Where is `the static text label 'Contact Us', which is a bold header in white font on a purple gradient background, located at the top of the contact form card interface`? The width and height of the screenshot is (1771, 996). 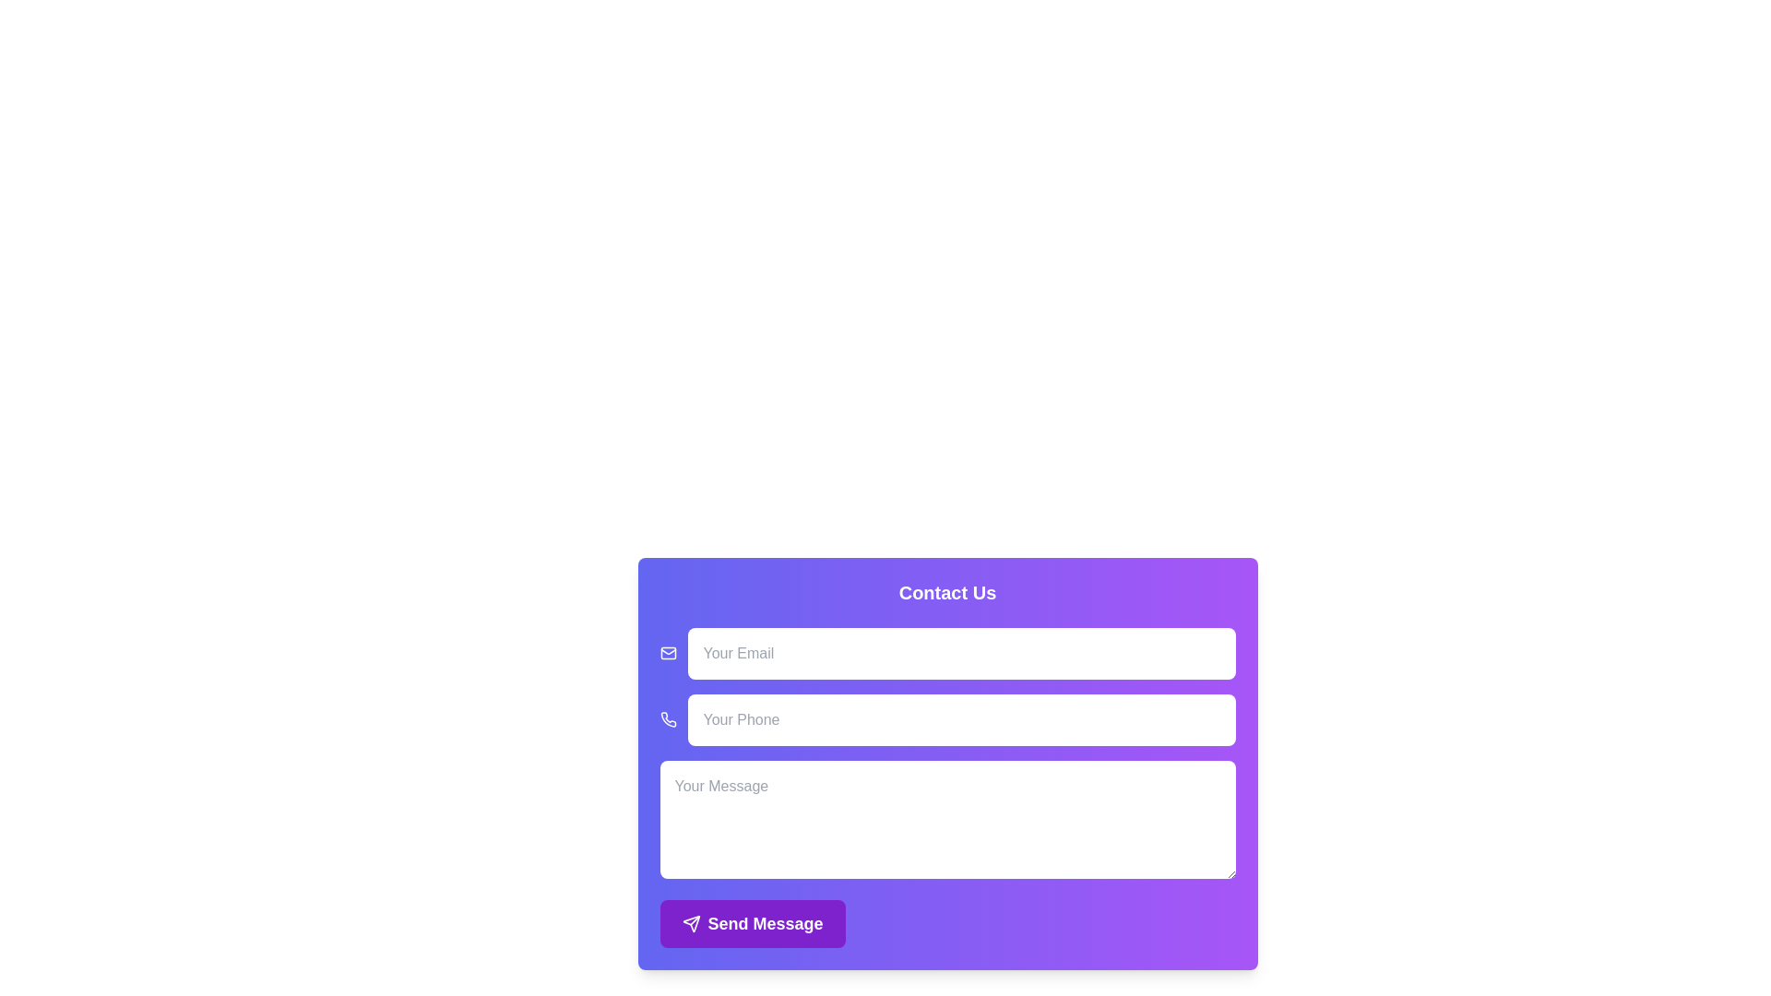
the static text label 'Contact Us', which is a bold header in white font on a purple gradient background, located at the top of the contact form card interface is located at coordinates (947, 593).